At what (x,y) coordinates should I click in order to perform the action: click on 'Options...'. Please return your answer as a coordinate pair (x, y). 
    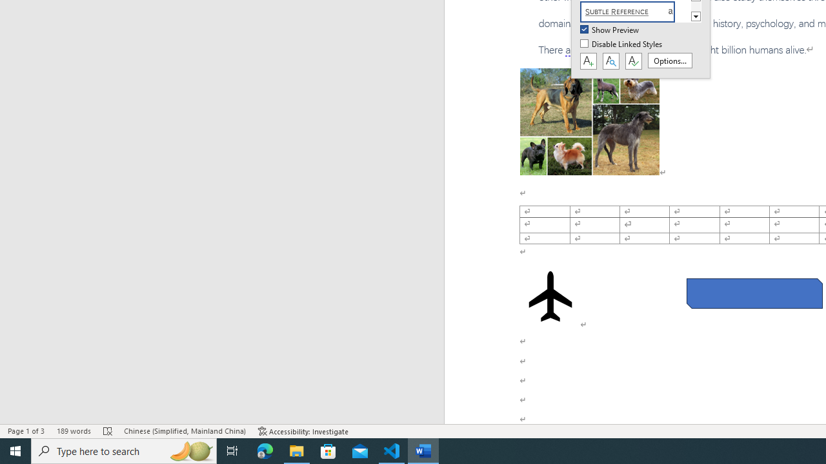
    Looking at the image, I should click on (670, 60).